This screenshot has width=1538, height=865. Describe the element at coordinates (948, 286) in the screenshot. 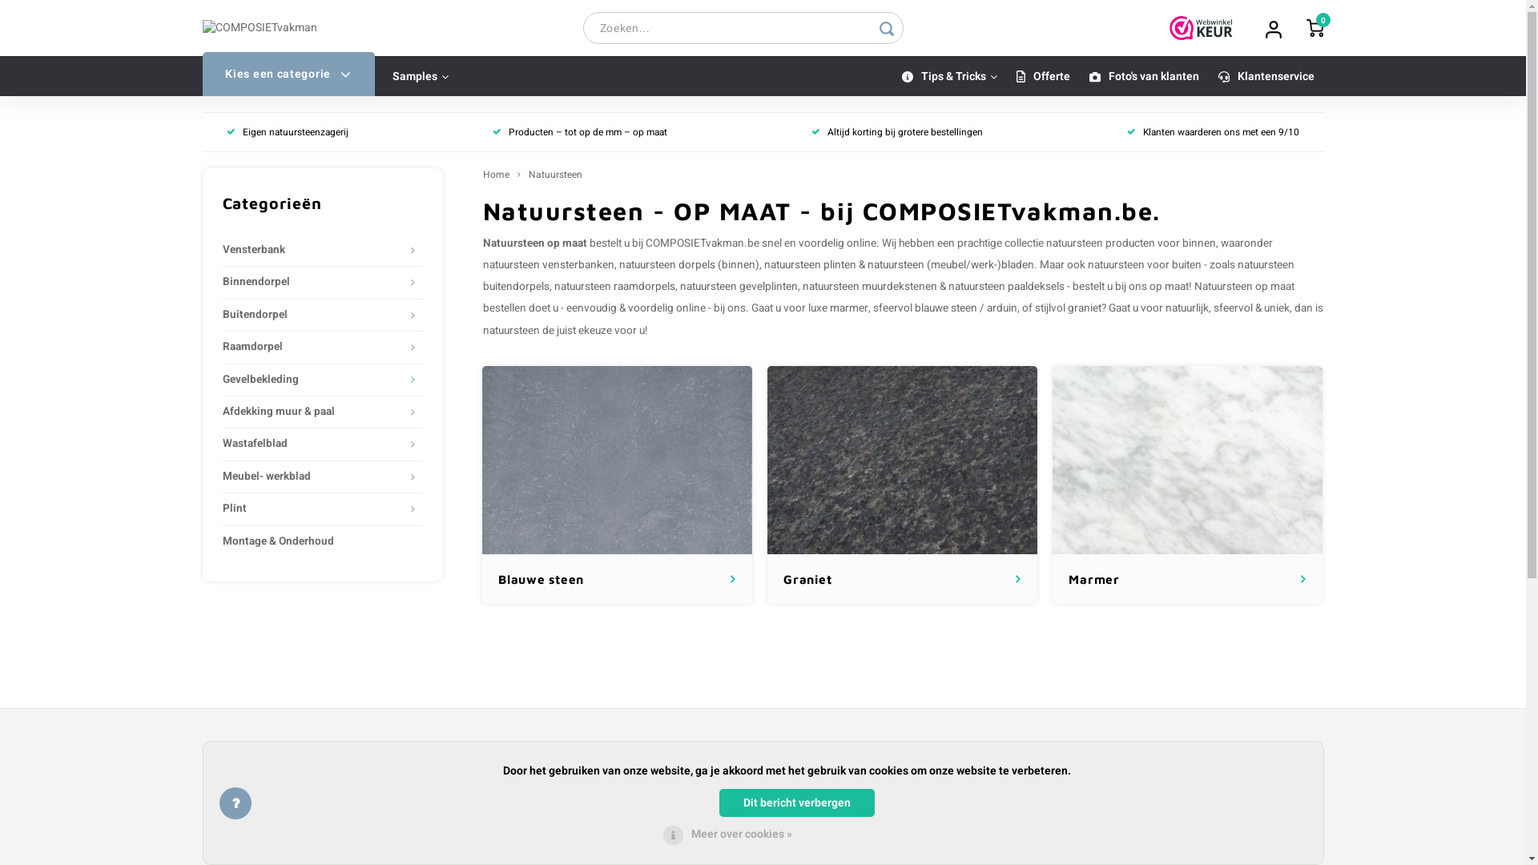

I see `'natuursteen paaldeksels'` at that location.